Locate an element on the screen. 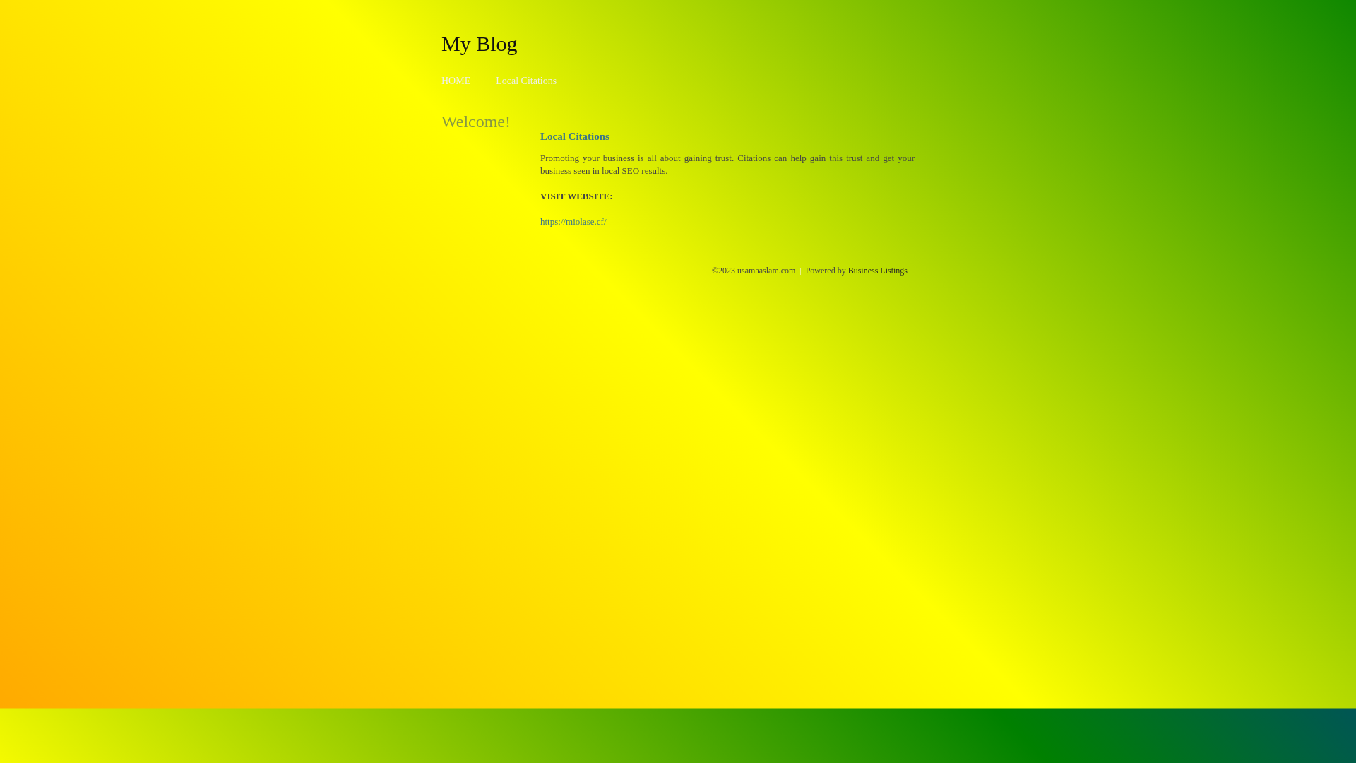 The image size is (1356, 763). 'https://miolase.cf/' is located at coordinates (573, 221).